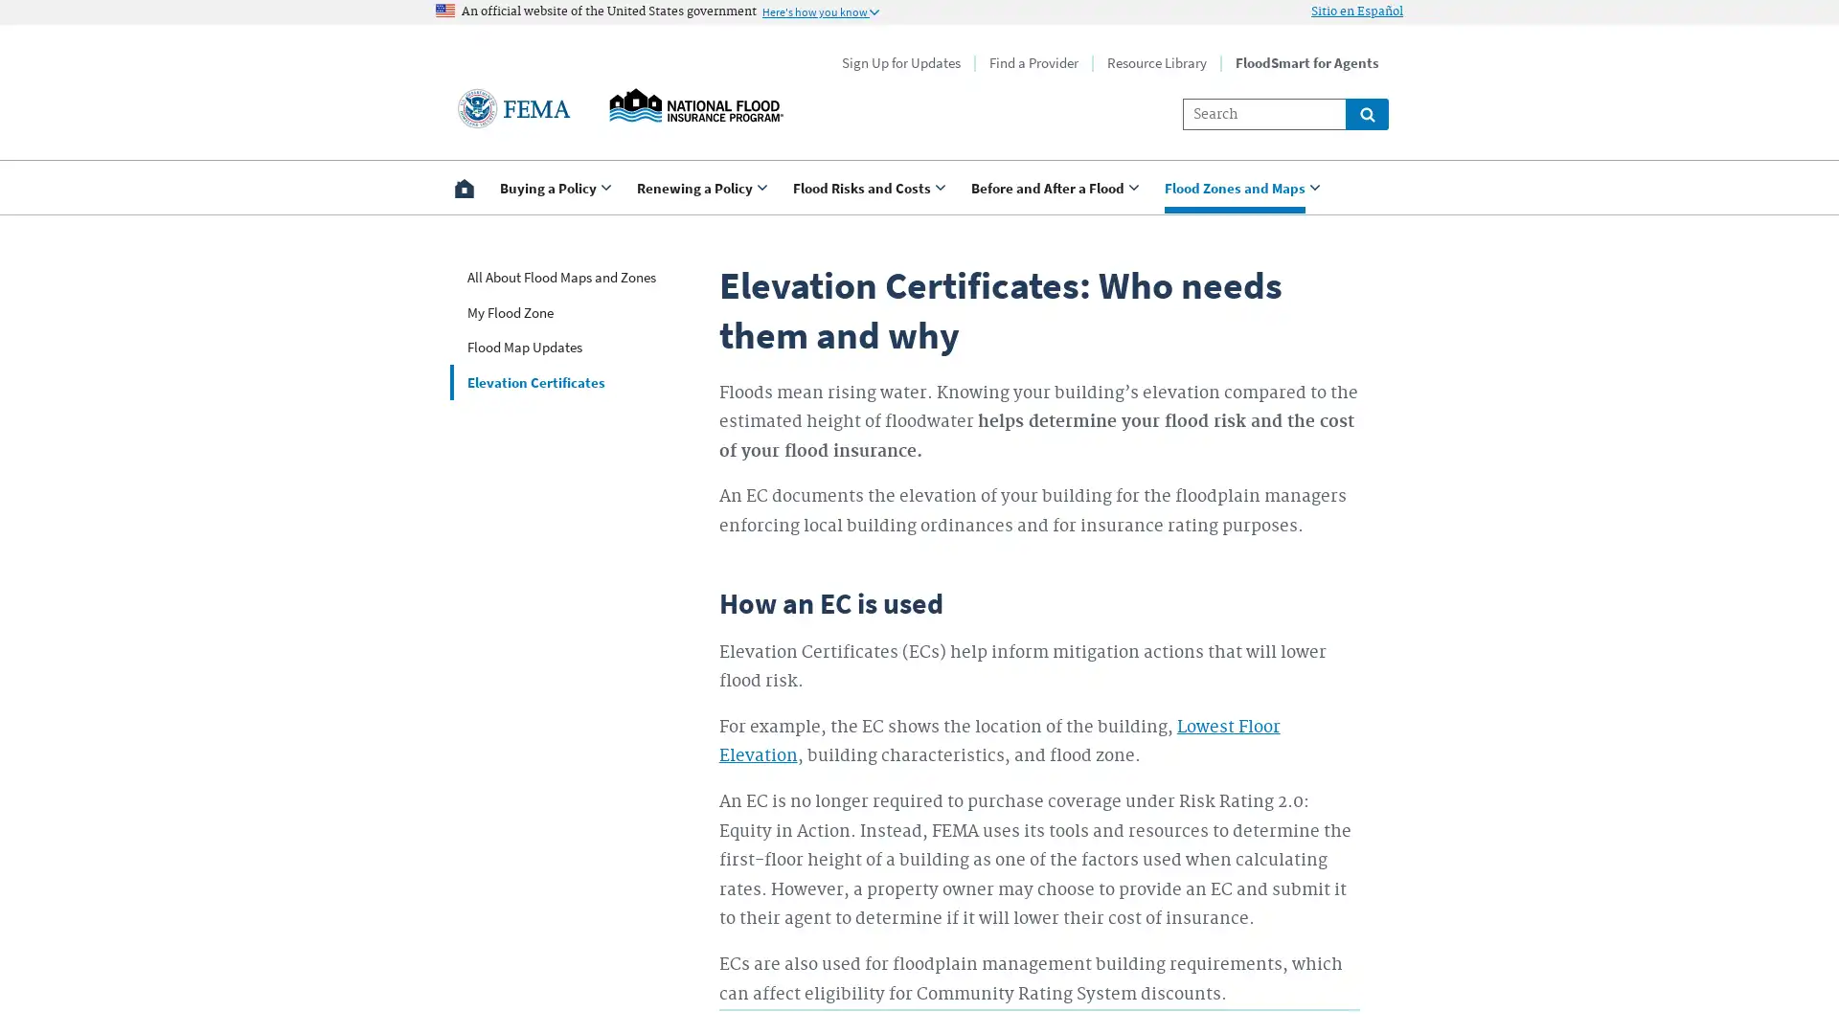  I want to click on Use <enter> and shift + <enter> to open and close the drop down to sub-menus, so click(1056, 187).